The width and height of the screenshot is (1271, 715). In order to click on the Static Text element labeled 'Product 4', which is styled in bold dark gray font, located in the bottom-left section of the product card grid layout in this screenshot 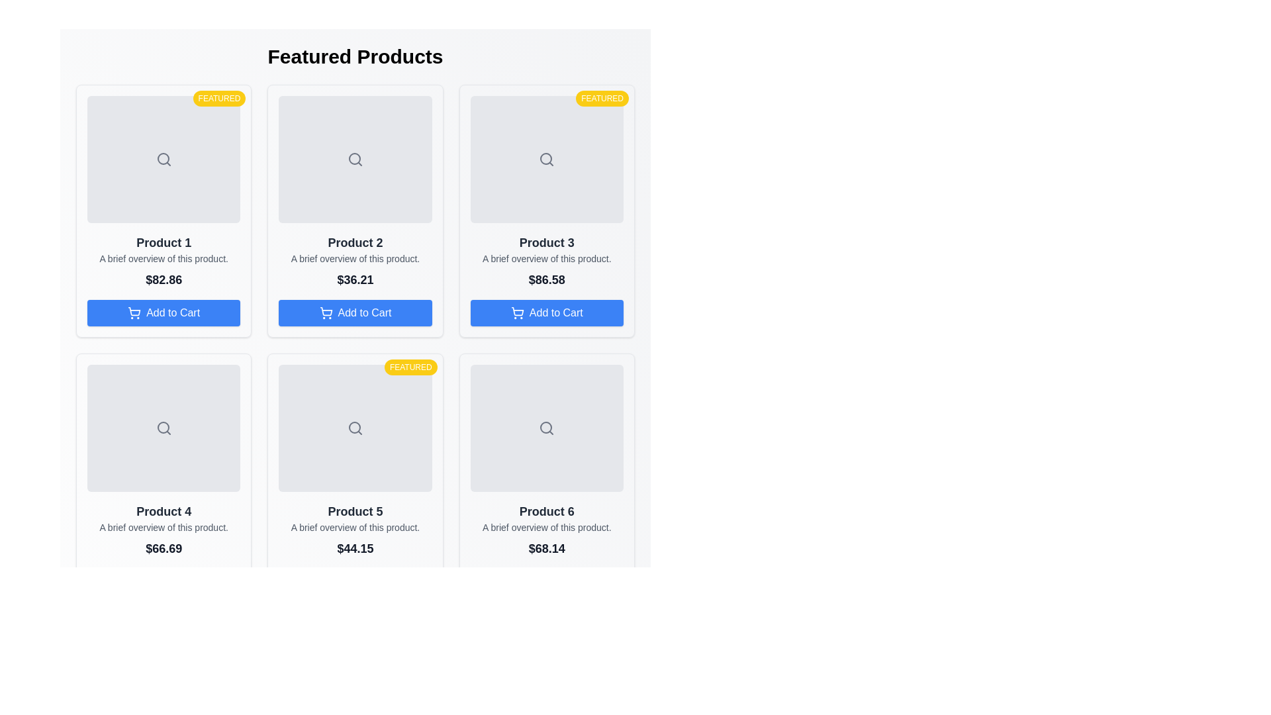, I will do `click(163, 510)`.